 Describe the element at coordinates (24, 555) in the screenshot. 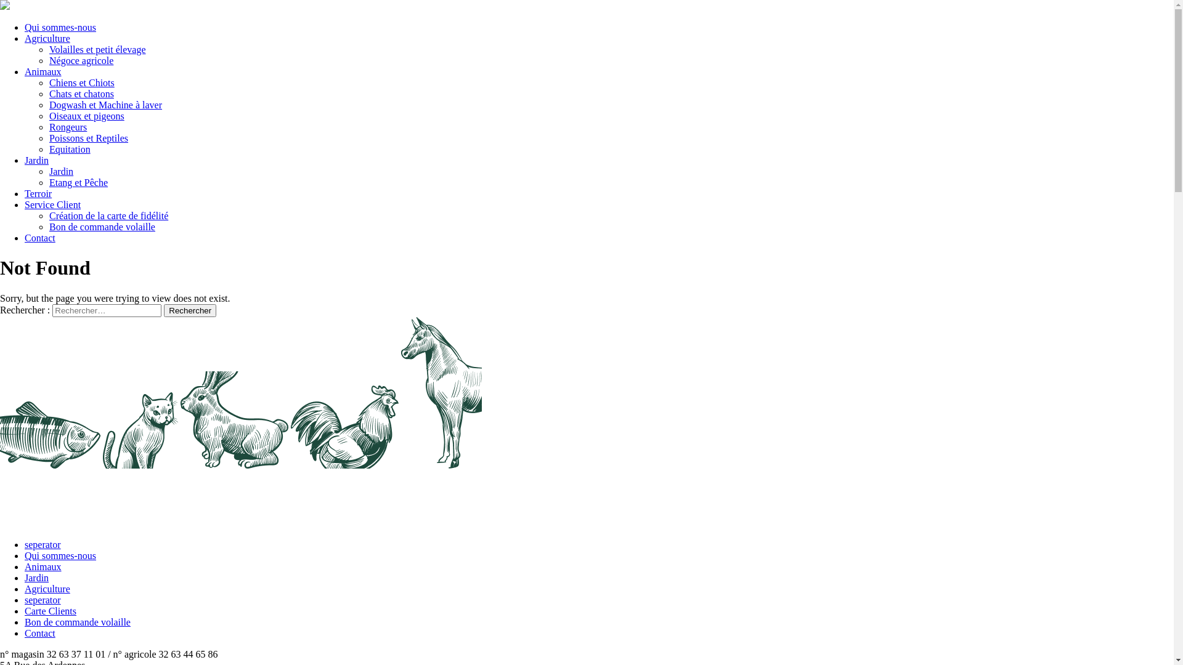

I see `'Qui sommes-nous'` at that location.